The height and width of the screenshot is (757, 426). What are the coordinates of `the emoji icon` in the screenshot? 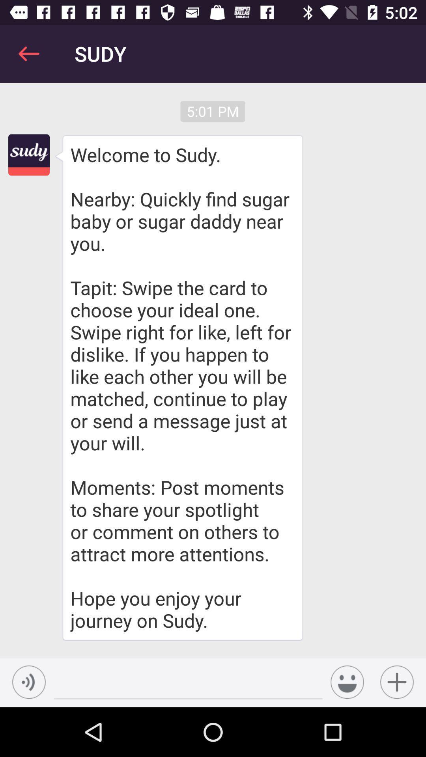 It's located at (347, 682).